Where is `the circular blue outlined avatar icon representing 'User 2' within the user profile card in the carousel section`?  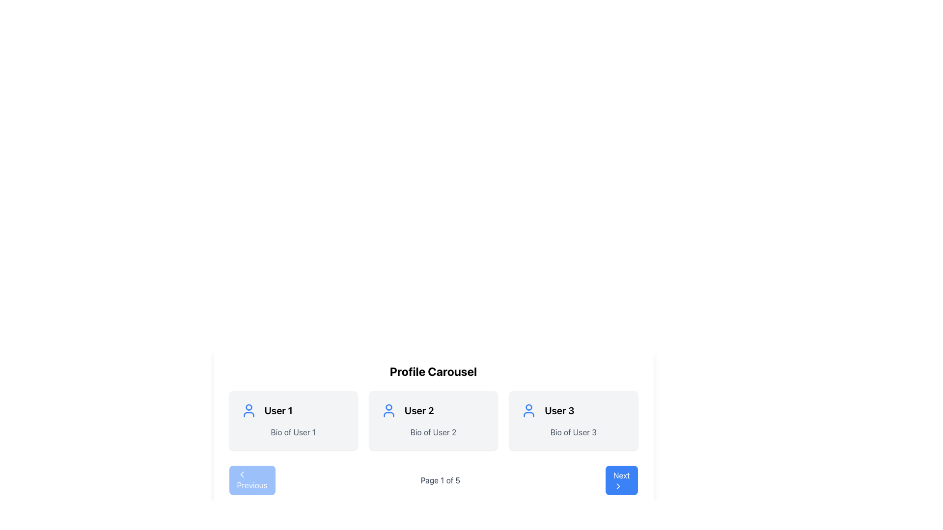
the circular blue outlined avatar icon representing 'User 2' within the user profile card in the carousel section is located at coordinates (388, 407).